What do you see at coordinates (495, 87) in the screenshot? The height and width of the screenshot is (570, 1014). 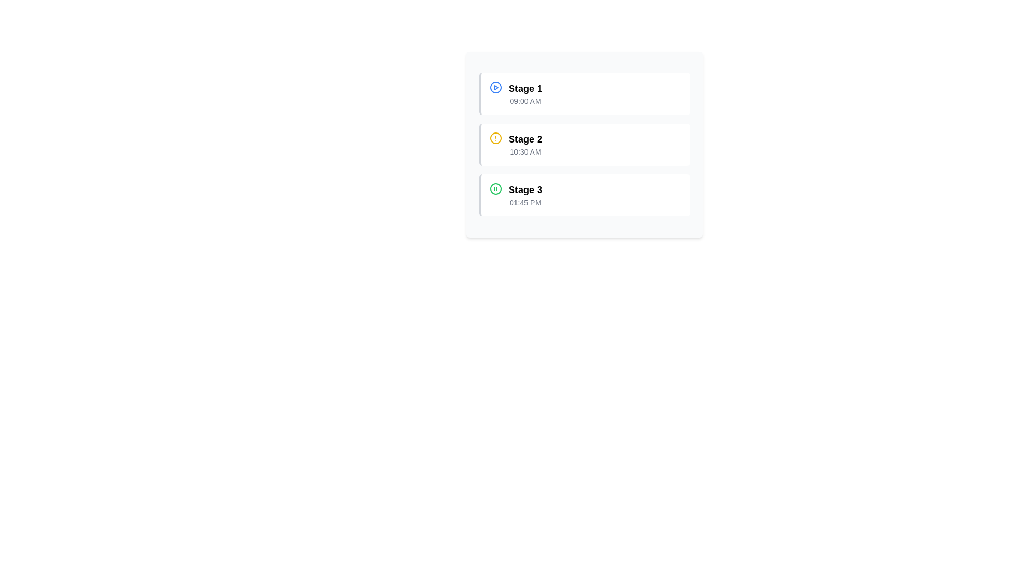 I see `the SVG Circle element, which is part of the icon located to the left of the 'Stage 1' label in the first item of a vertical list` at bounding box center [495, 87].